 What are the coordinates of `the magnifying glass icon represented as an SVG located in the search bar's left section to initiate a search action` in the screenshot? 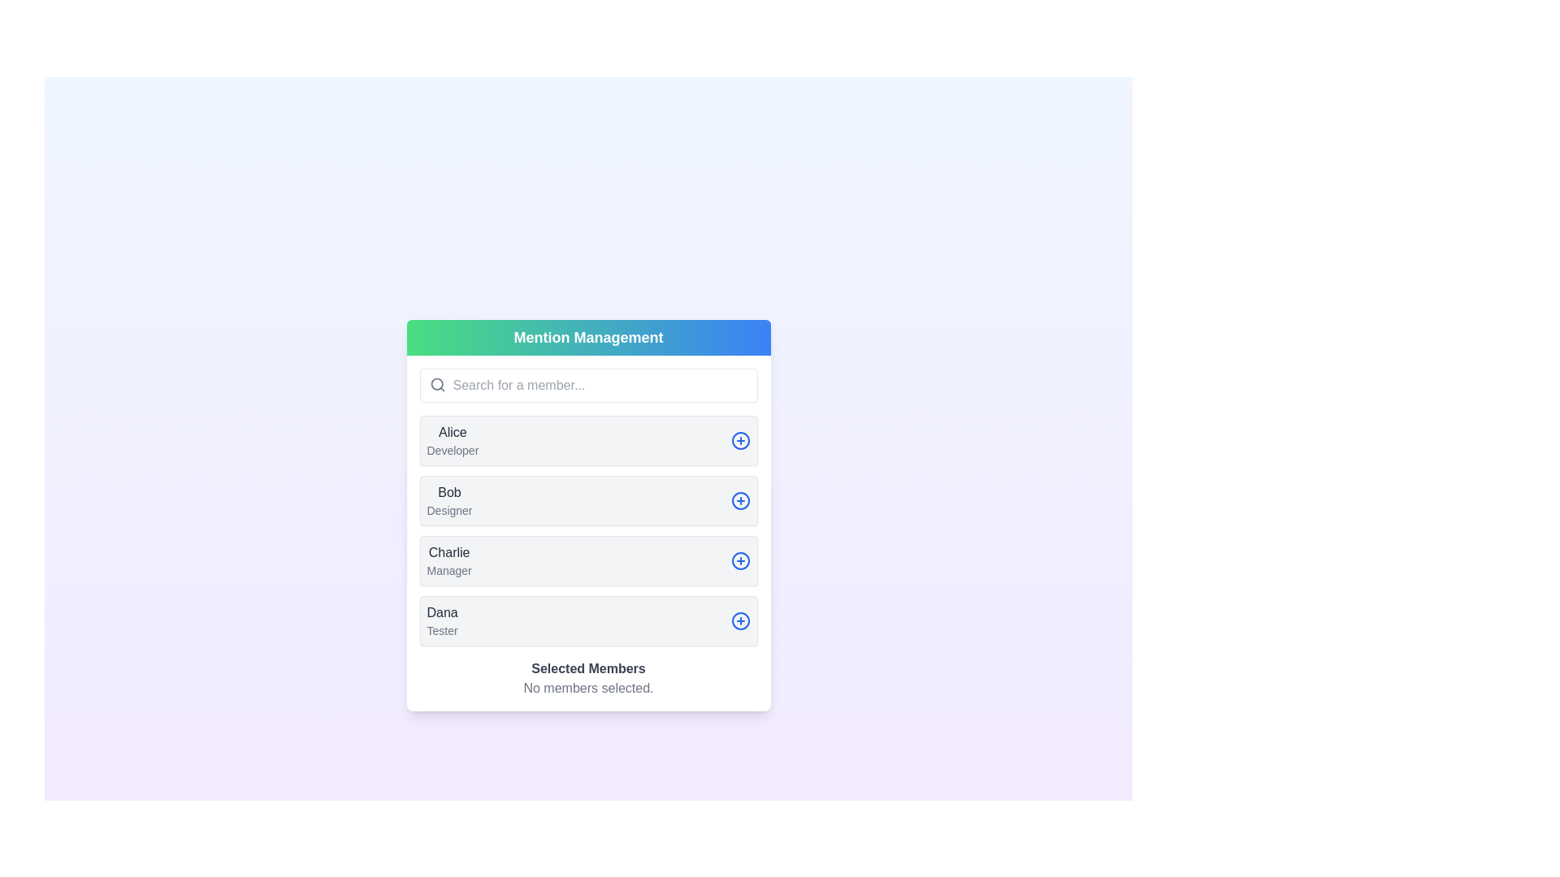 It's located at (437, 385).